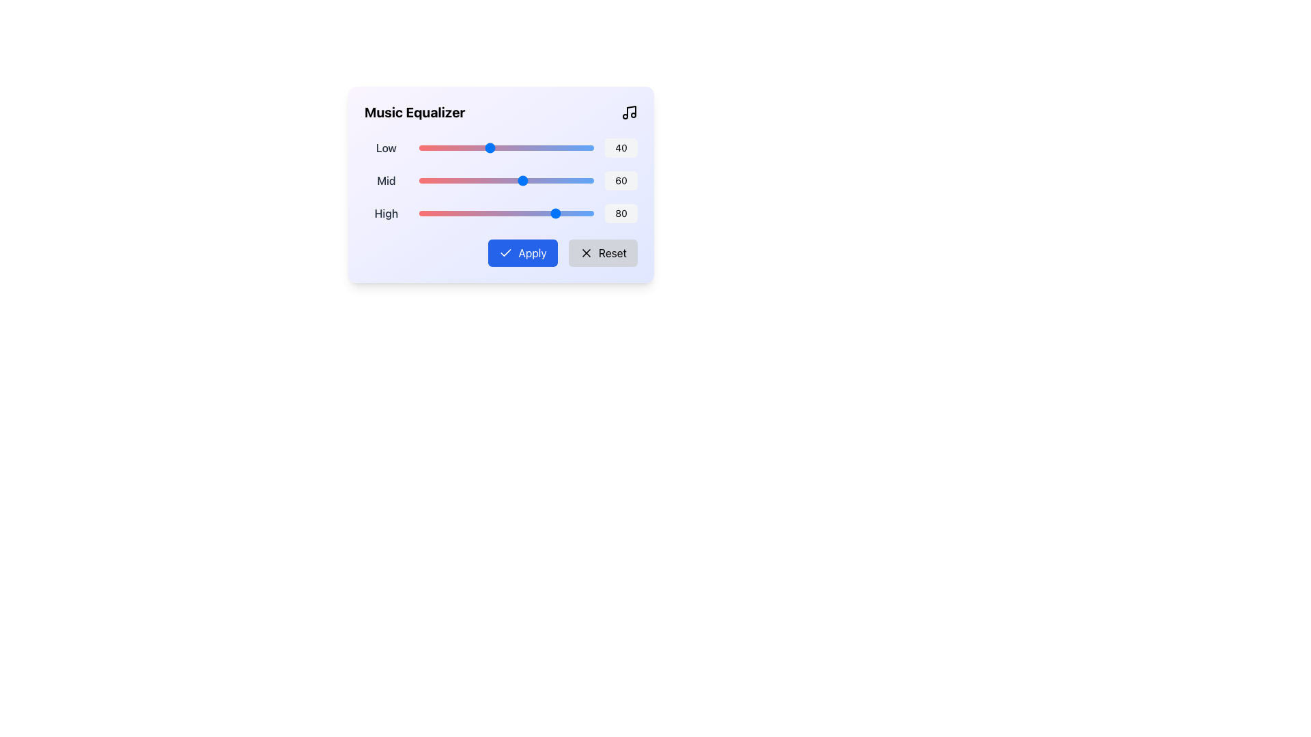  What do you see at coordinates (449, 180) in the screenshot?
I see `the mid-range slider` at bounding box center [449, 180].